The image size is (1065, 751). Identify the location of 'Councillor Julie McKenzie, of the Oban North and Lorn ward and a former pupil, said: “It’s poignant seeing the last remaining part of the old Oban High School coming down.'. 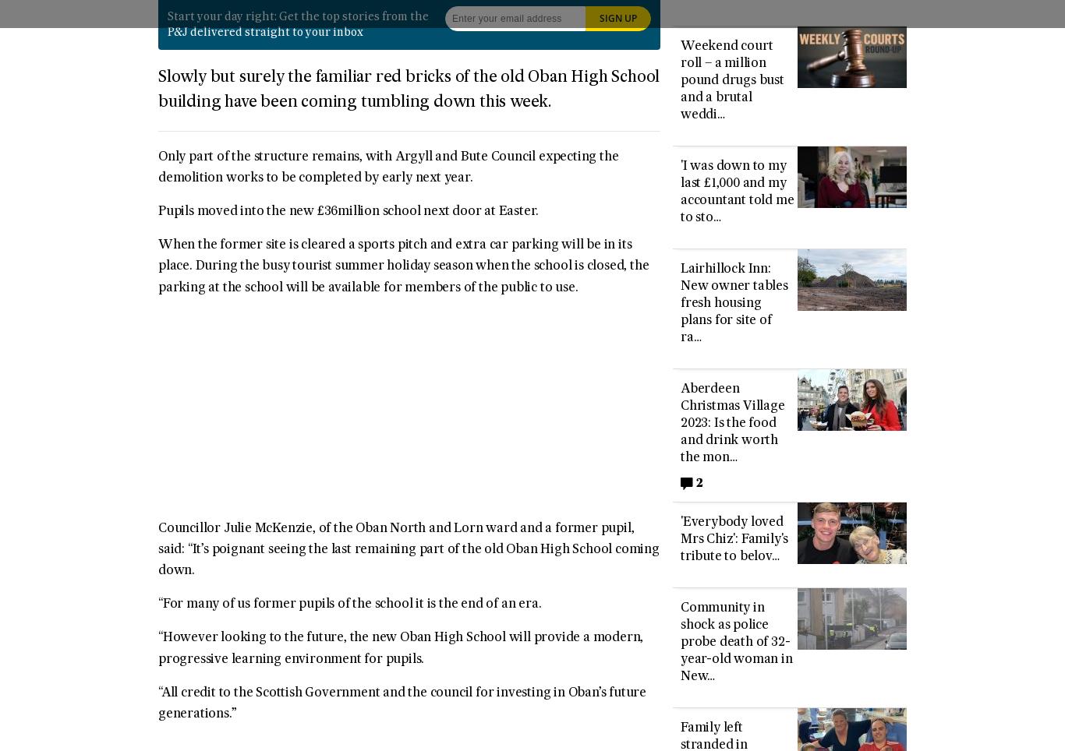
(408, 549).